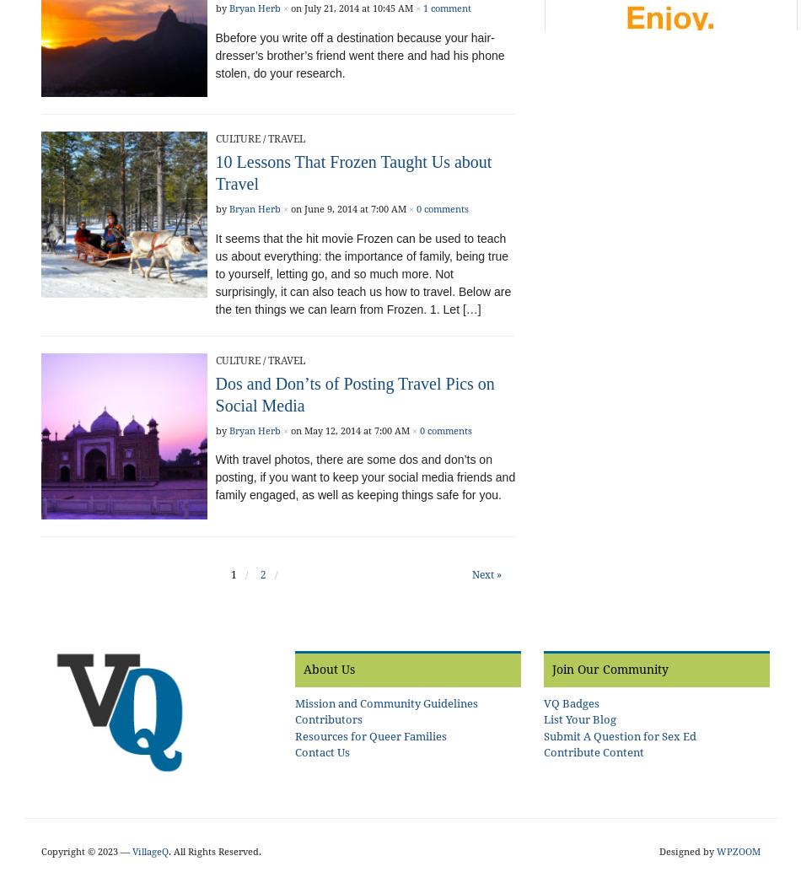 The image size is (801, 888). Describe the element at coordinates (213, 850) in the screenshot. I see `'. All Rights Reserved.'` at that location.